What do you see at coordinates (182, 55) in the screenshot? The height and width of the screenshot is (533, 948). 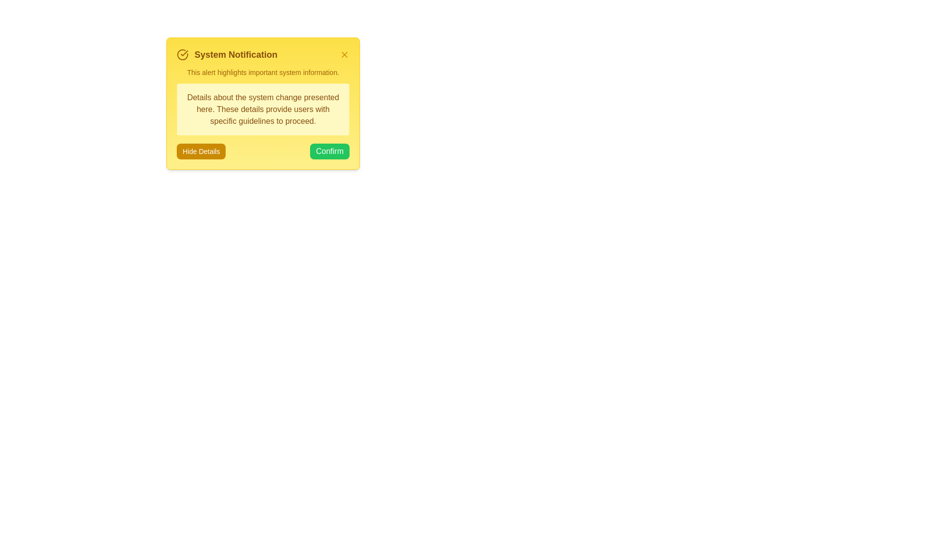 I see `the CheckCircle icon in the alert component` at bounding box center [182, 55].